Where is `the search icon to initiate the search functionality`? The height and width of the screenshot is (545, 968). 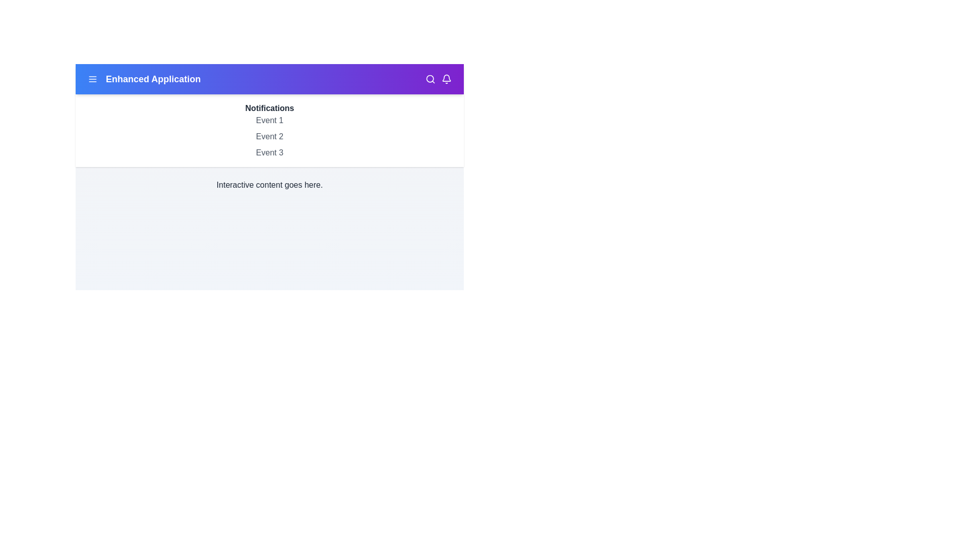 the search icon to initiate the search functionality is located at coordinates (431, 79).